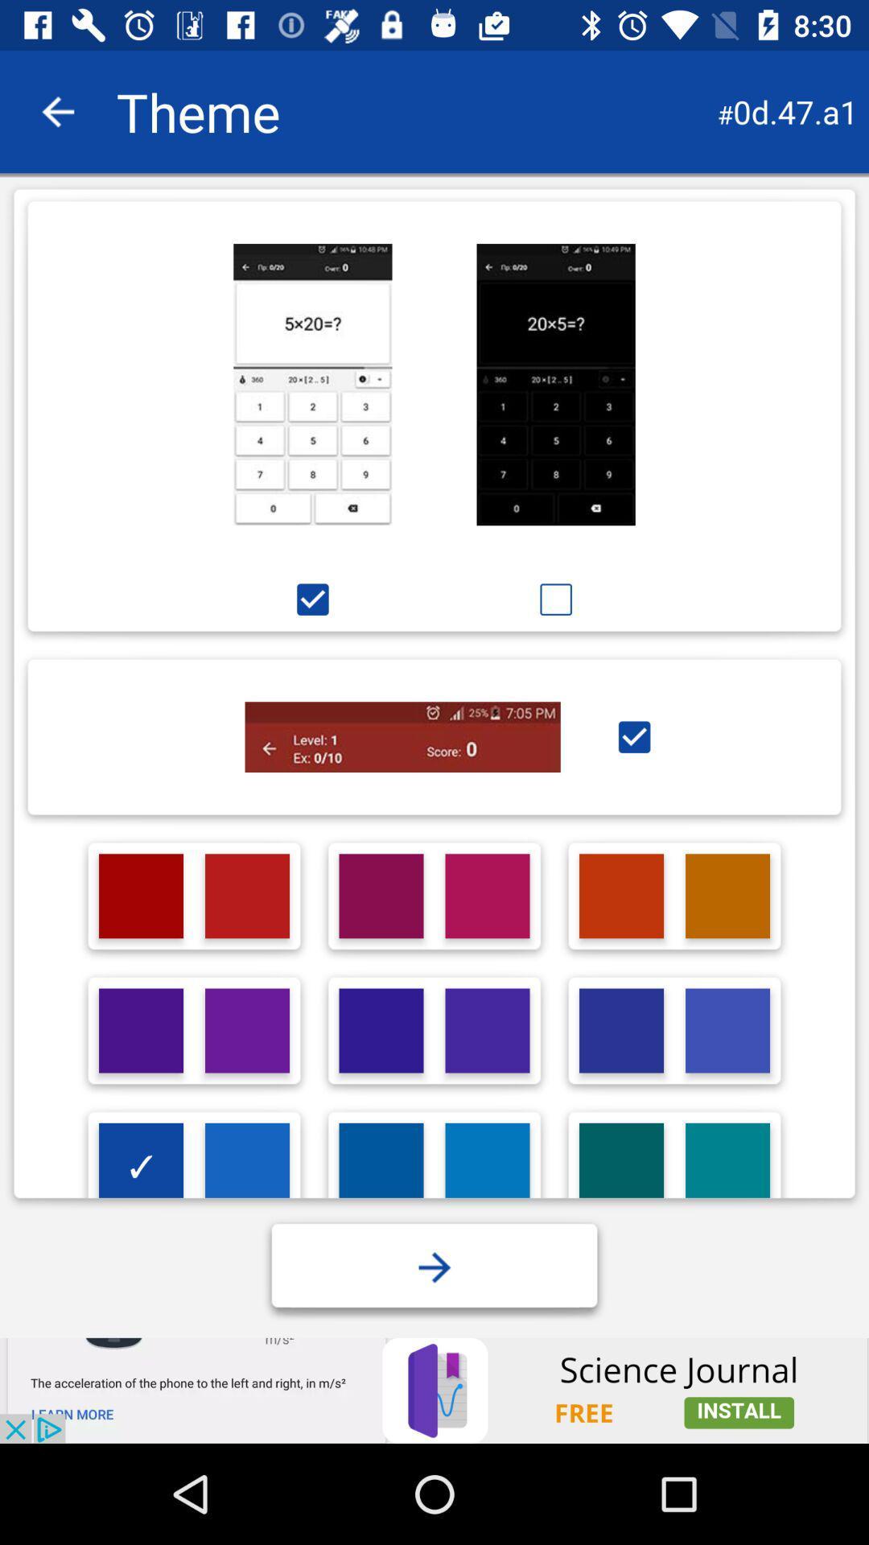  Describe the element at coordinates (381, 1165) in the screenshot. I see `logo` at that location.